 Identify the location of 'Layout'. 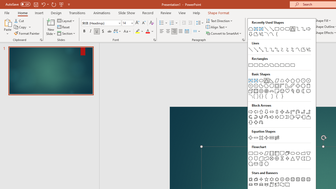
(66, 20).